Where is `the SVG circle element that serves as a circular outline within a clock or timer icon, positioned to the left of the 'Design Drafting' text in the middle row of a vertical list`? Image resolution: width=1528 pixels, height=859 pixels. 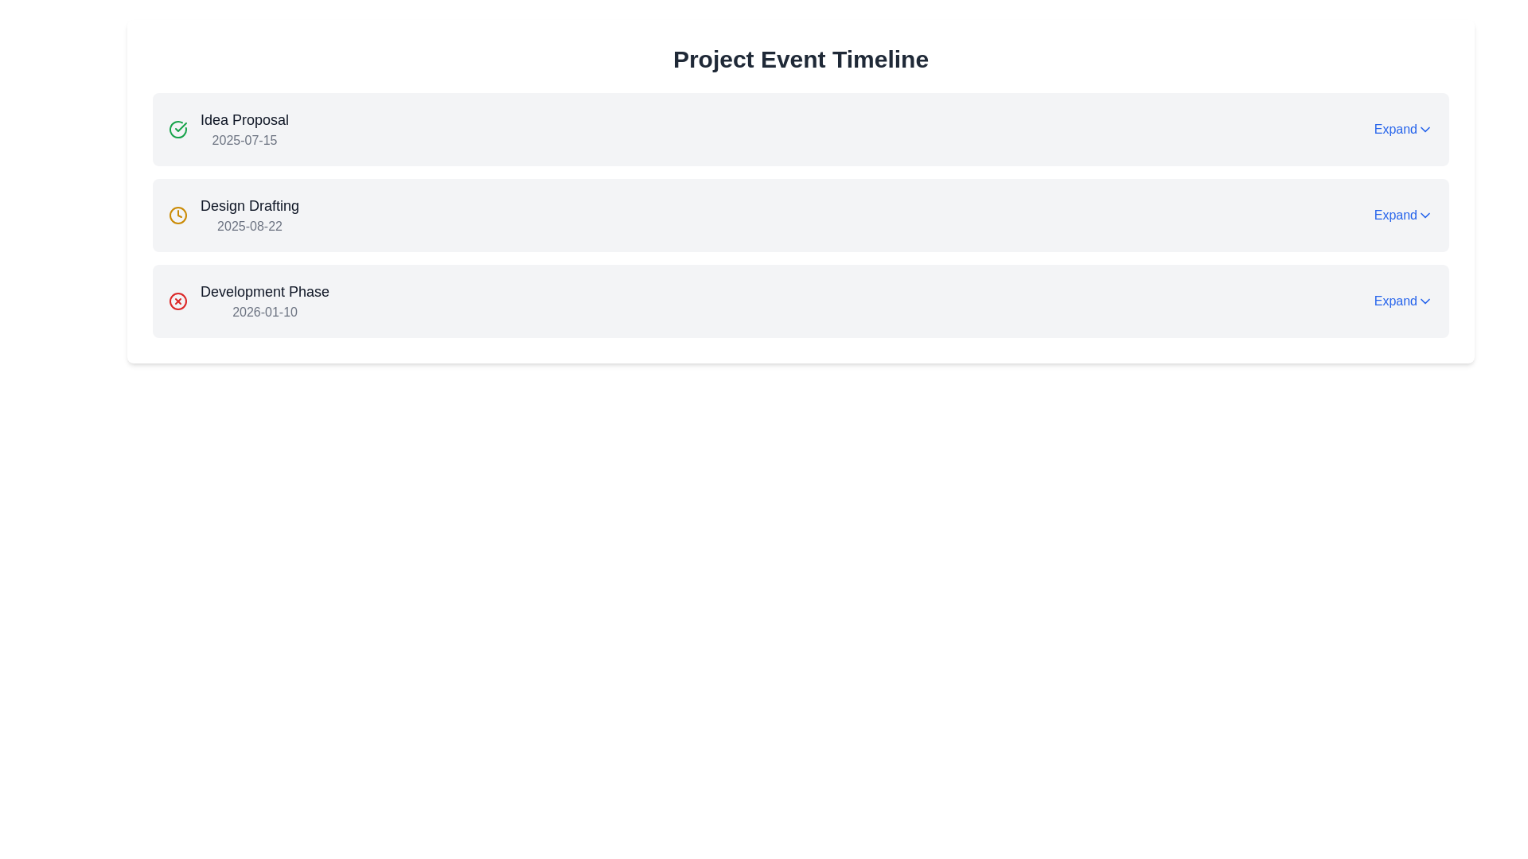
the SVG circle element that serves as a circular outline within a clock or timer icon, positioned to the left of the 'Design Drafting' text in the middle row of a vertical list is located at coordinates (178, 215).